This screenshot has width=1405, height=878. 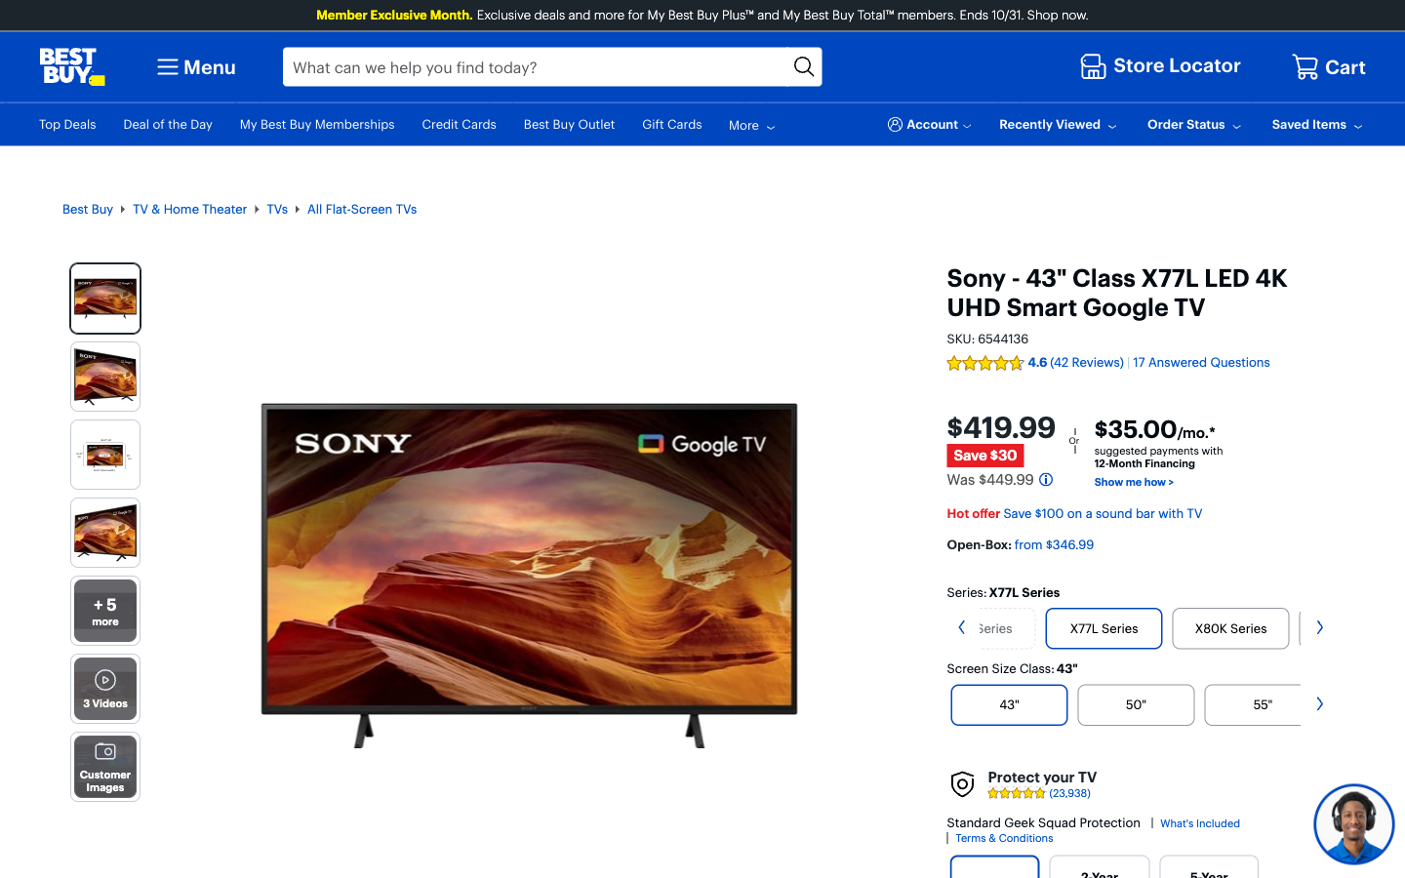 I want to click on Hit the icon situated at upper left corner to return to Best Buy home page, so click(x=72, y=66).